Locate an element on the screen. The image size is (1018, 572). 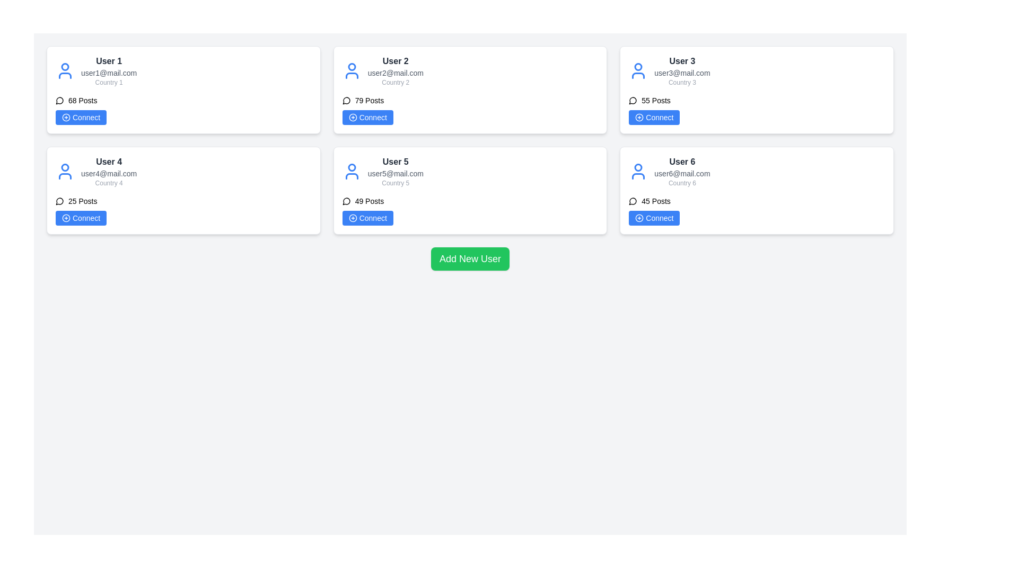
the lower part of the user icon representing 'User 6', which is a blue stroked curved line forming the shoulders and torso of the icon is located at coordinates (638, 175).